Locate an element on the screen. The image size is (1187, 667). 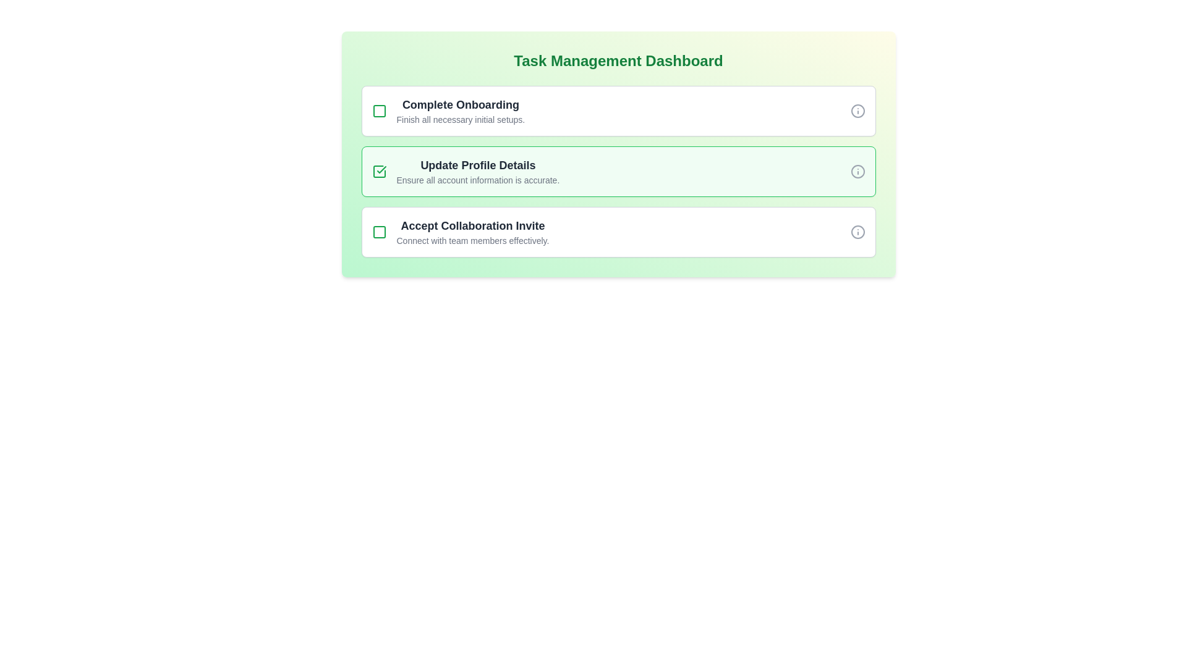
the third item in the vertically stacked list of task items that describes a task or to-do item, located below 'Update Profile Details' and above any additional tasks is located at coordinates (472, 232).